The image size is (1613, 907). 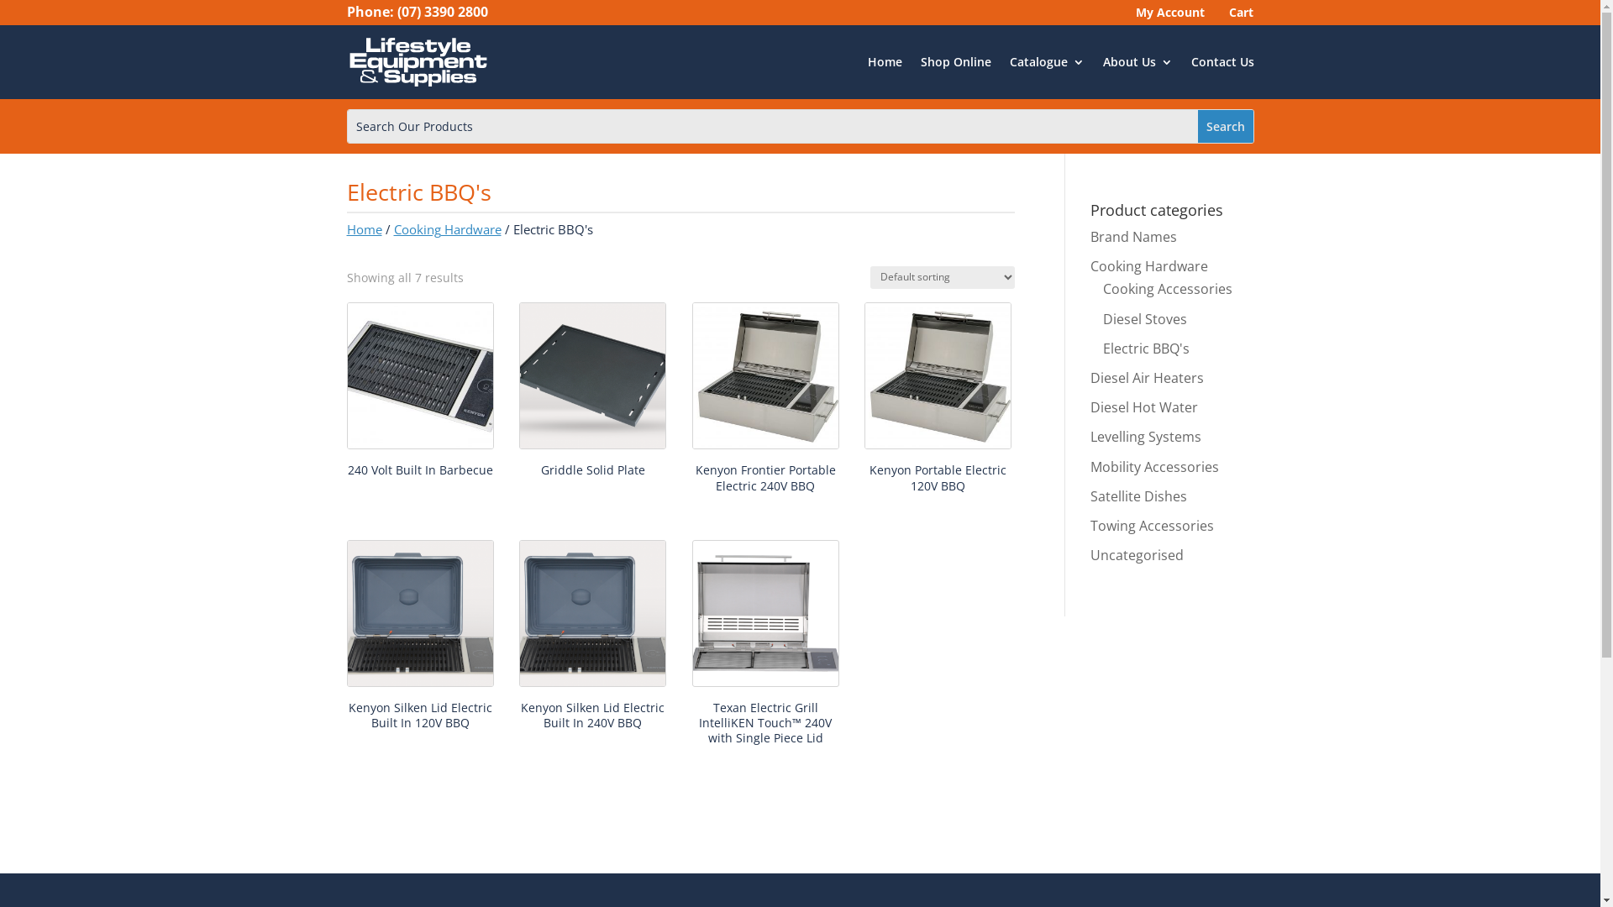 What do you see at coordinates (764, 401) in the screenshot?
I see `'Kenyon Frontier Portable Electric 240V BBQ'` at bounding box center [764, 401].